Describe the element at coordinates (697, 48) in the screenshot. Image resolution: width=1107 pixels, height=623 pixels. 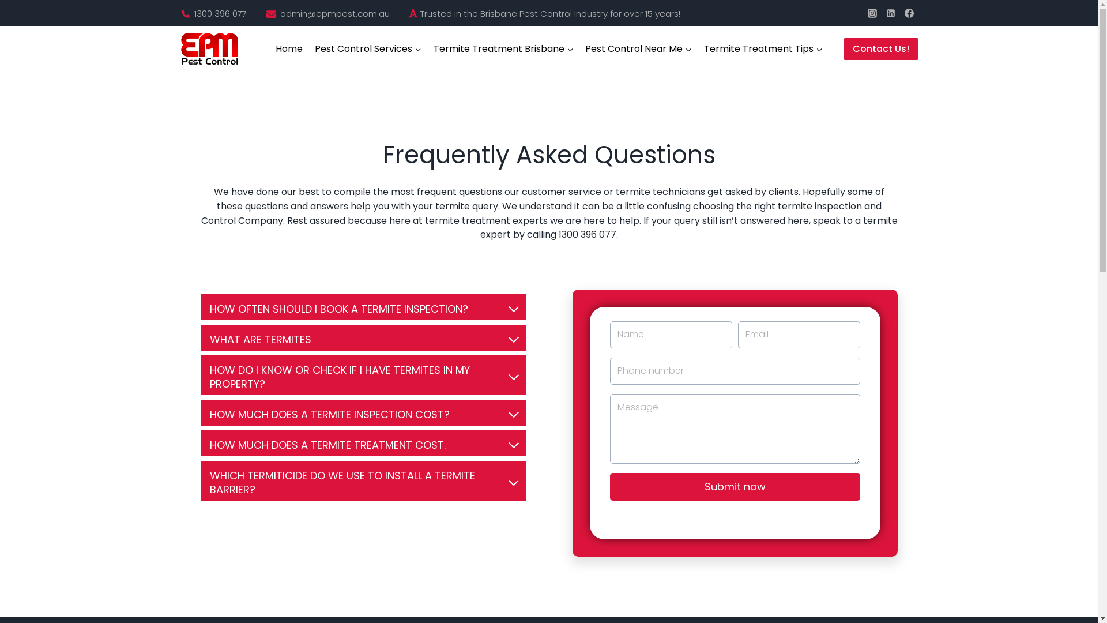
I see `'Termite Treatment Tips'` at that location.